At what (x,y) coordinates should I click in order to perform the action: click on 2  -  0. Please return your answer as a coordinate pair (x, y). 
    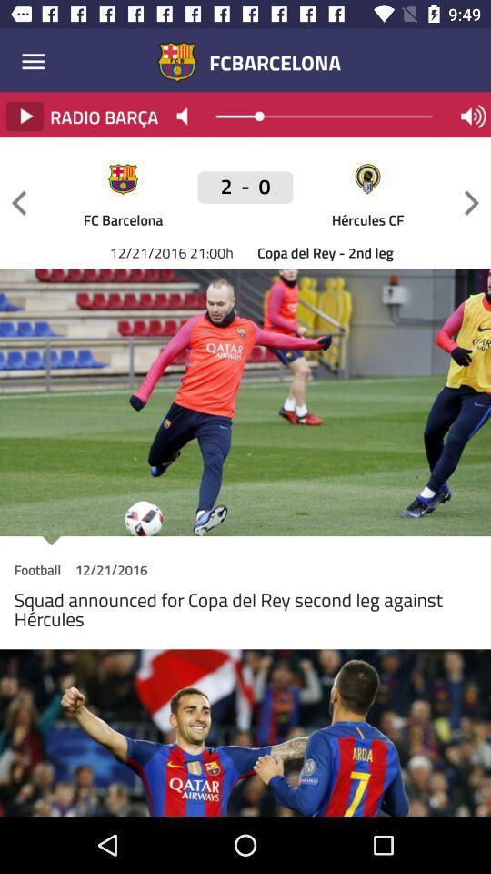
    Looking at the image, I should click on (245, 188).